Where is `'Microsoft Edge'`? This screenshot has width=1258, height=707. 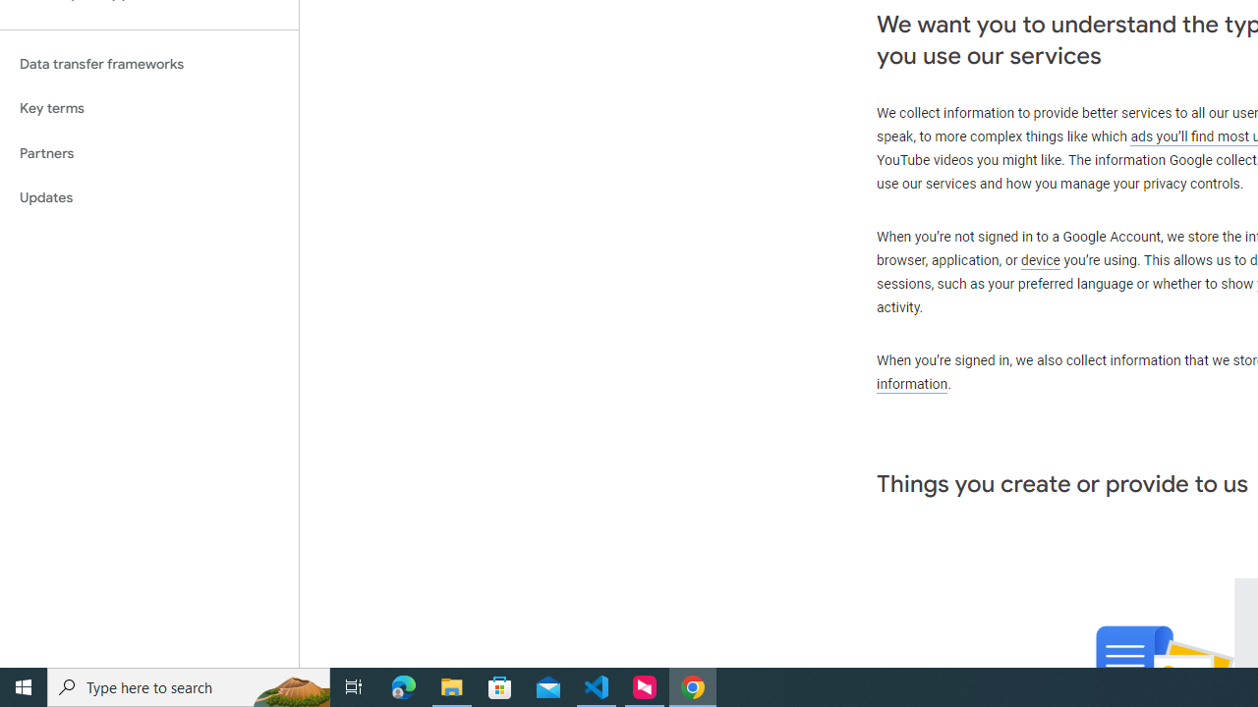 'Microsoft Edge' is located at coordinates (403, 685).